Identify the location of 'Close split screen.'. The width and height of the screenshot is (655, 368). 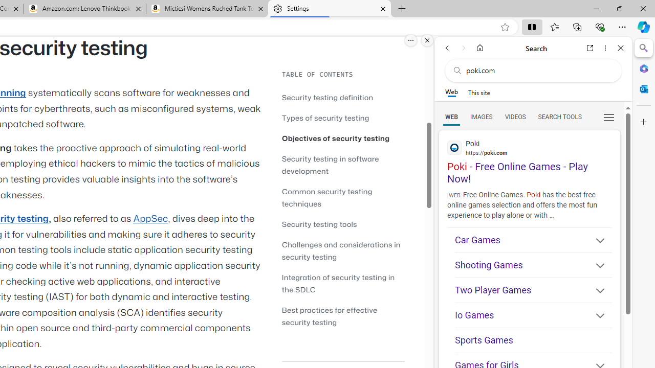
(427, 40).